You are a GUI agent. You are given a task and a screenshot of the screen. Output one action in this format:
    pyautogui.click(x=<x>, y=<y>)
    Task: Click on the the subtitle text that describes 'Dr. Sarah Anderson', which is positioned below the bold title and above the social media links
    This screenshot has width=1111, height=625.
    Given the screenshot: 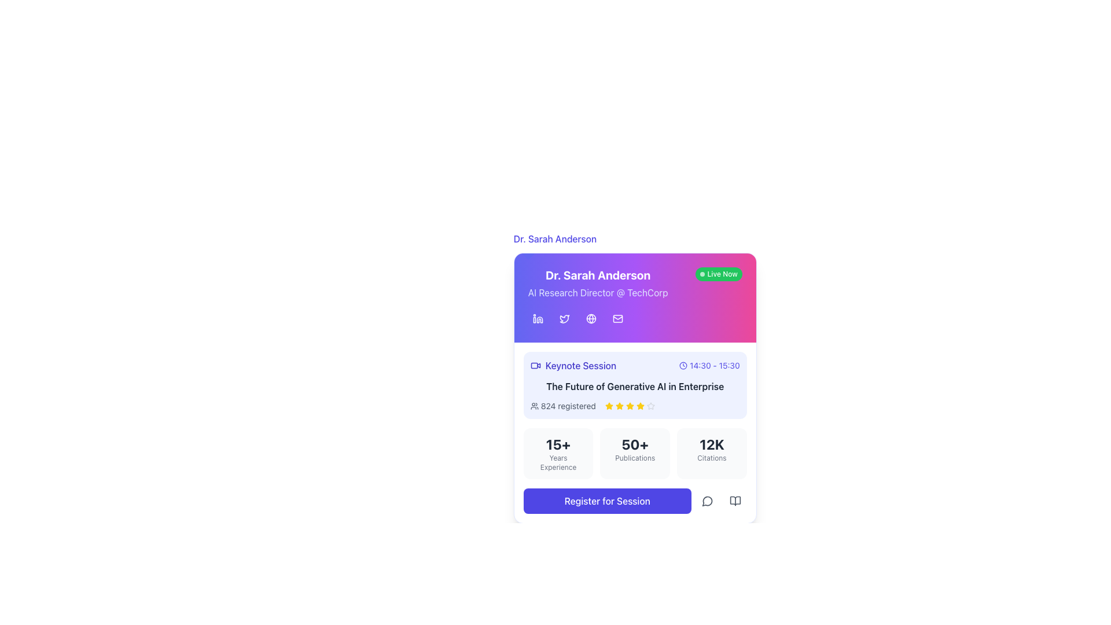 What is the action you would take?
    pyautogui.click(x=598, y=292)
    